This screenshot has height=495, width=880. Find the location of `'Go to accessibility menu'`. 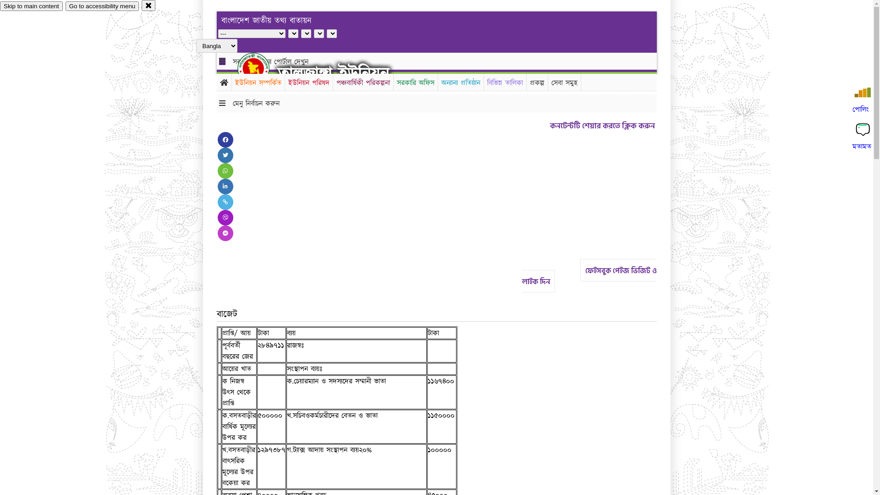

'Go to accessibility menu' is located at coordinates (102, 6).